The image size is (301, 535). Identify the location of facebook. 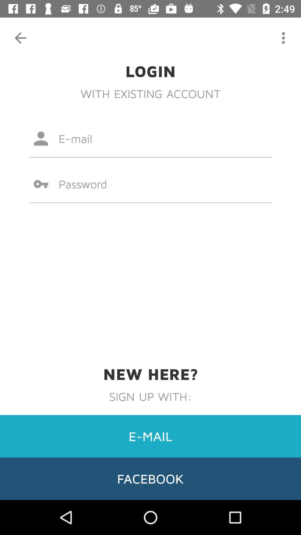
(151, 478).